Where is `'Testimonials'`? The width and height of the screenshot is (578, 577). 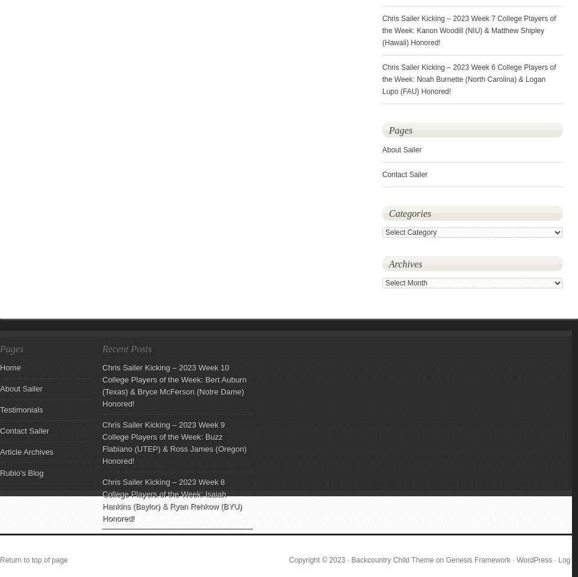 'Testimonials' is located at coordinates (20, 409).